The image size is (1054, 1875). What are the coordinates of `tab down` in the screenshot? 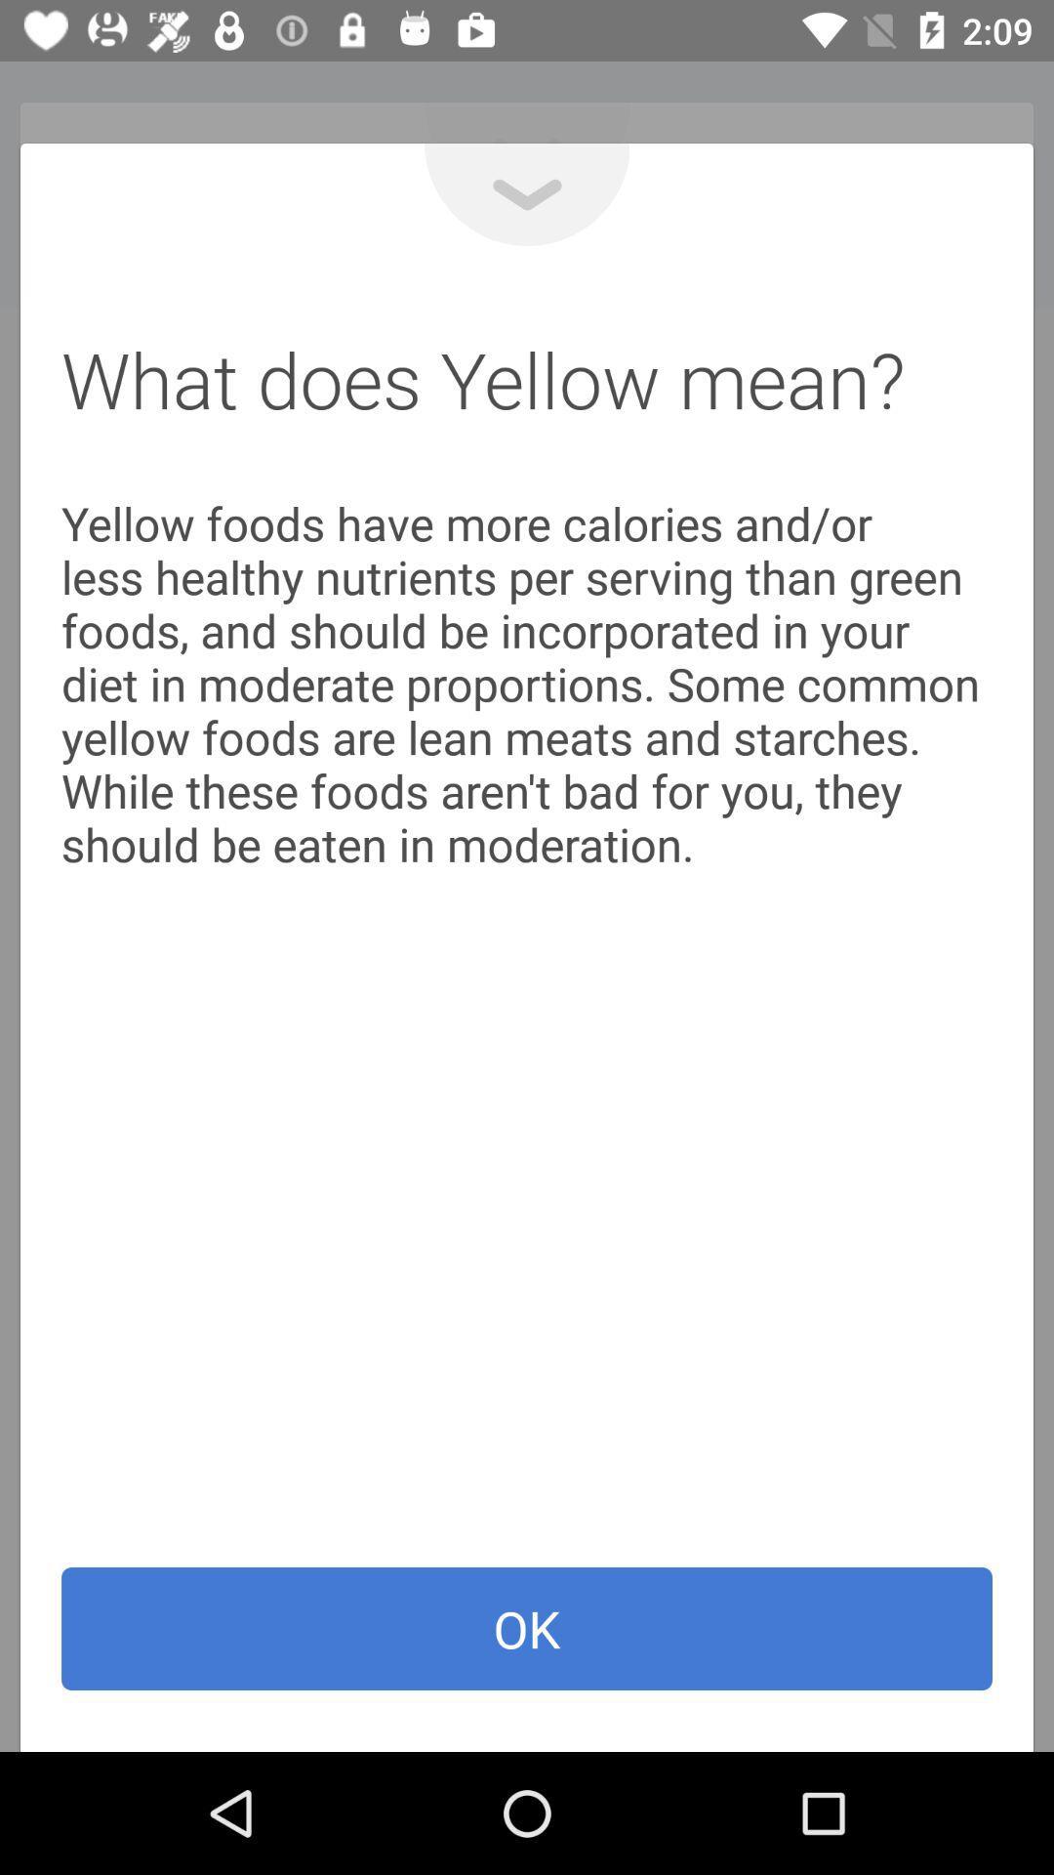 It's located at (527, 194).